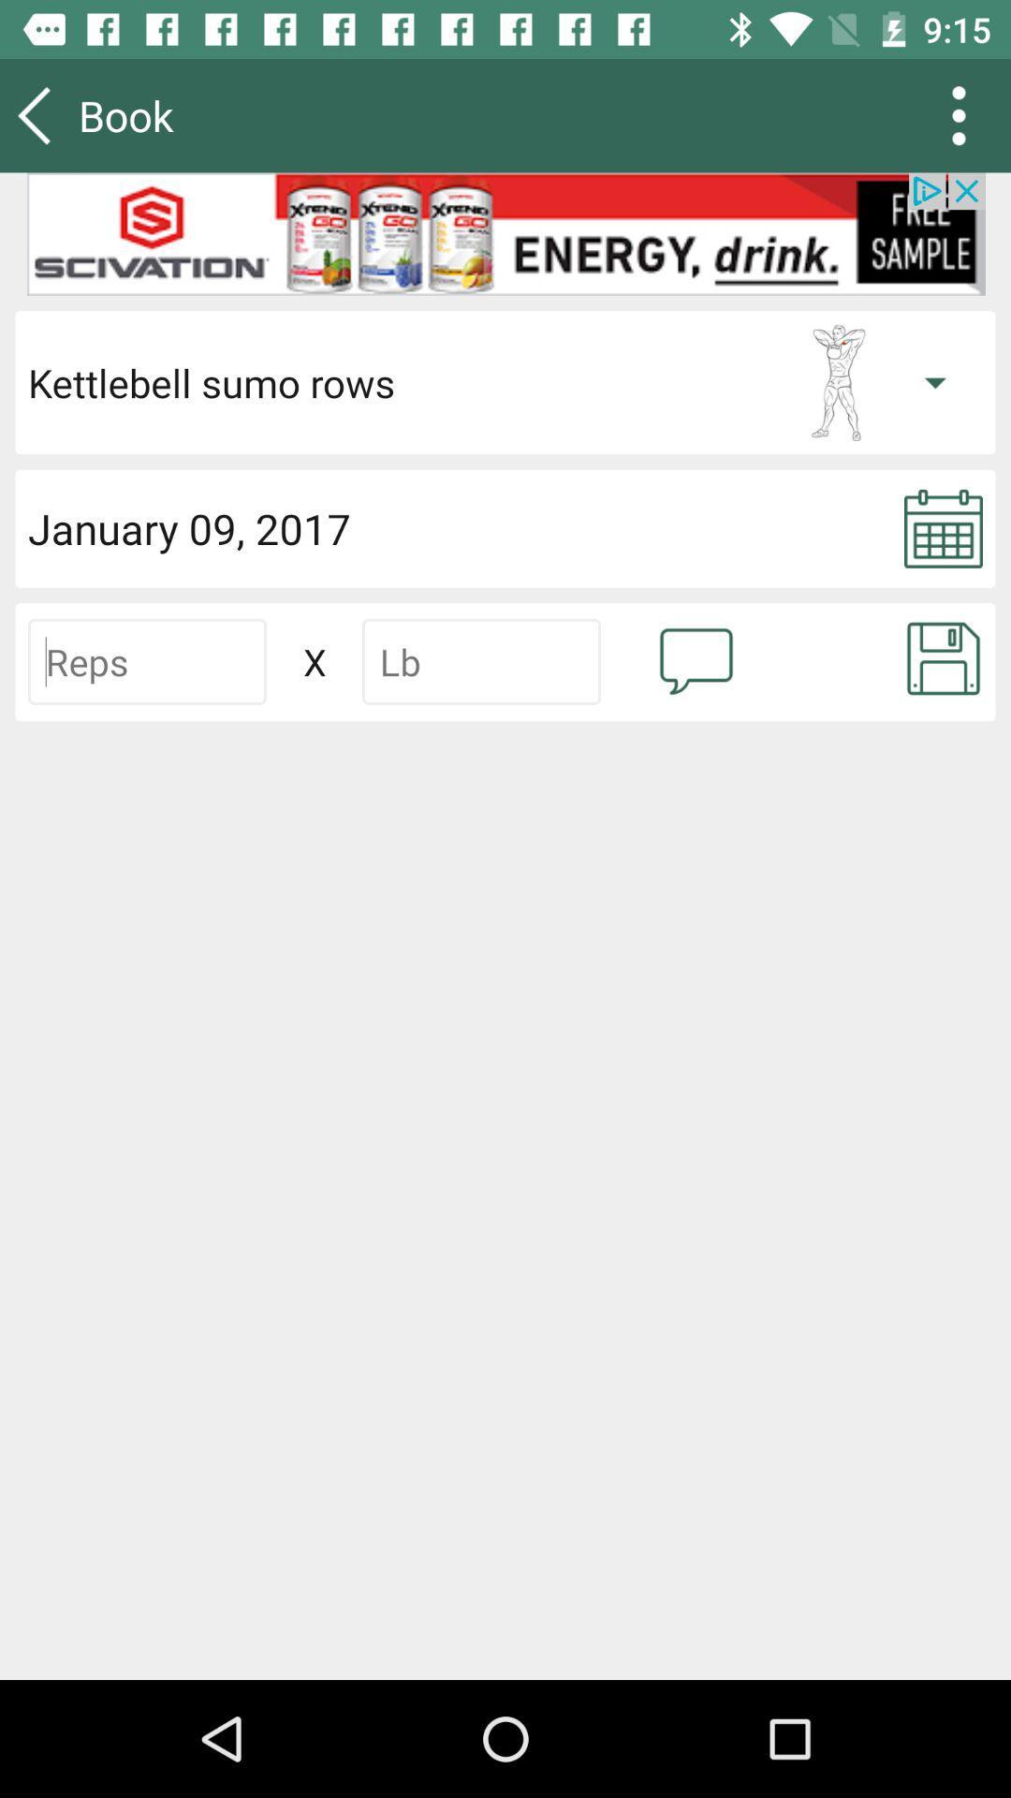 The image size is (1011, 1798). What do you see at coordinates (696, 661) in the screenshot?
I see `the chat icon` at bounding box center [696, 661].